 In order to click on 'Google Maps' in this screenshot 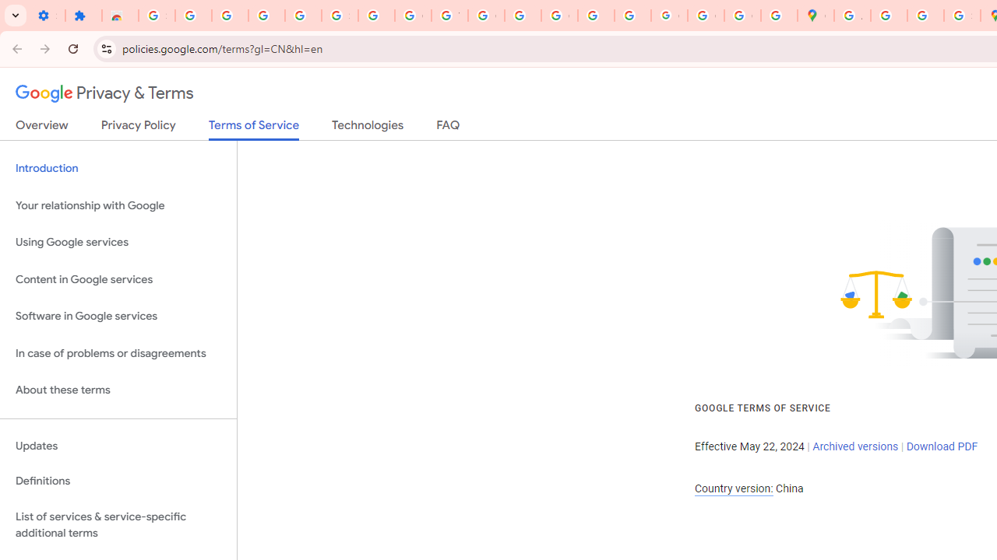, I will do `click(815, 16)`.